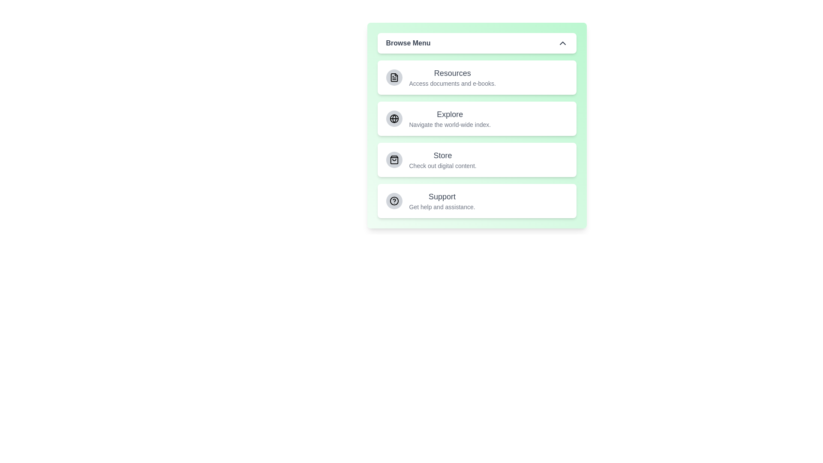 This screenshot has width=823, height=463. What do you see at coordinates (393, 160) in the screenshot?
I see `the icon of the menu item Store to analyze it` at bounding box center [393, 160].